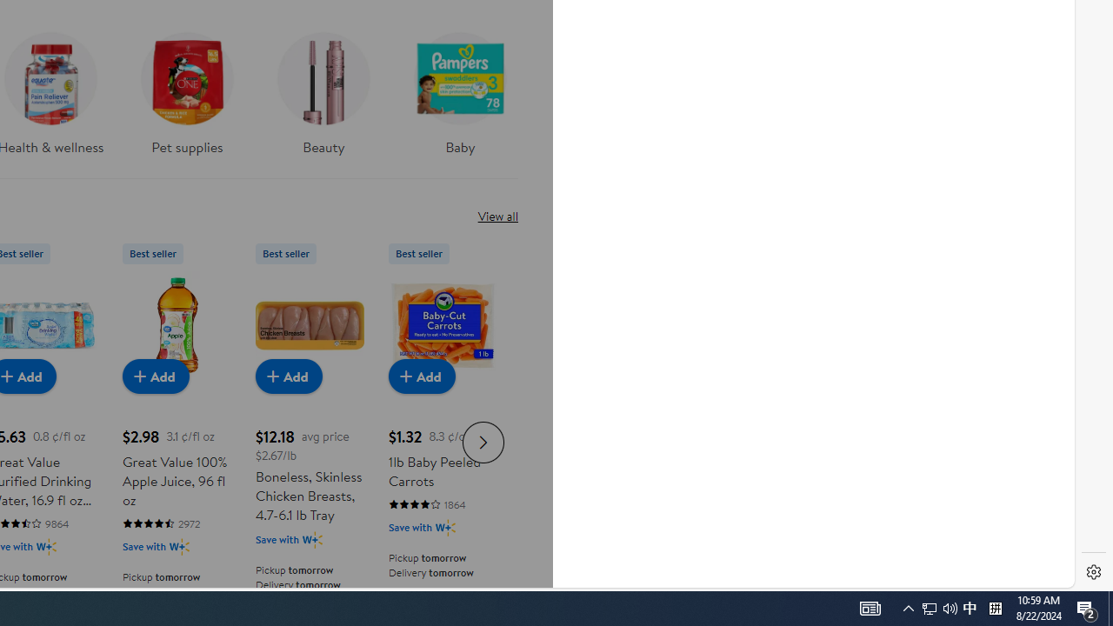 Image resolution: width=1113 pixels, height=626 pixels. What do you see at coordinates (443, 325) in the screenshot?
I see `'1lb Baby Peeled Carrots'` at bounding box center [443, 325].